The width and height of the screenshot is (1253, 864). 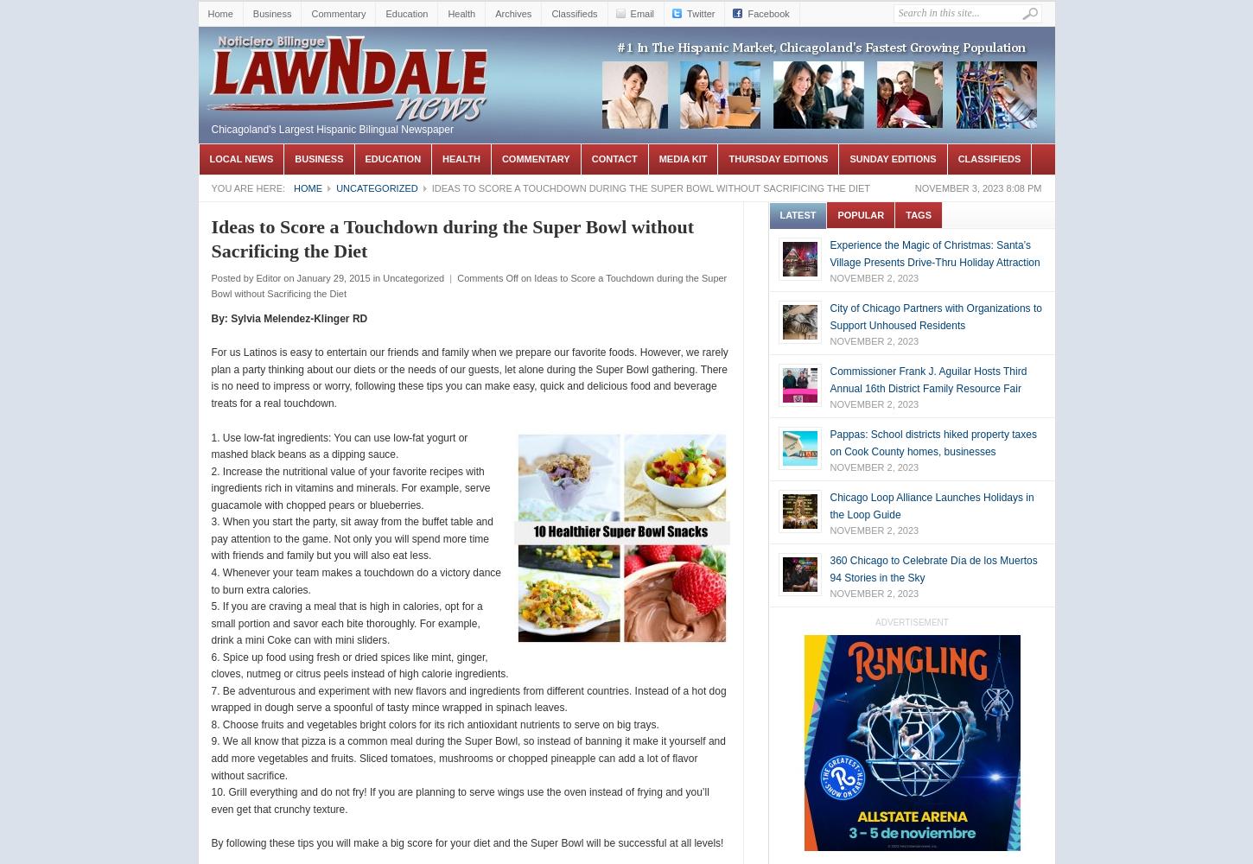 What do you see at coordinates (268, 277) in the screenshot?
I see `'Editor'` at bounding box center [268, 277].